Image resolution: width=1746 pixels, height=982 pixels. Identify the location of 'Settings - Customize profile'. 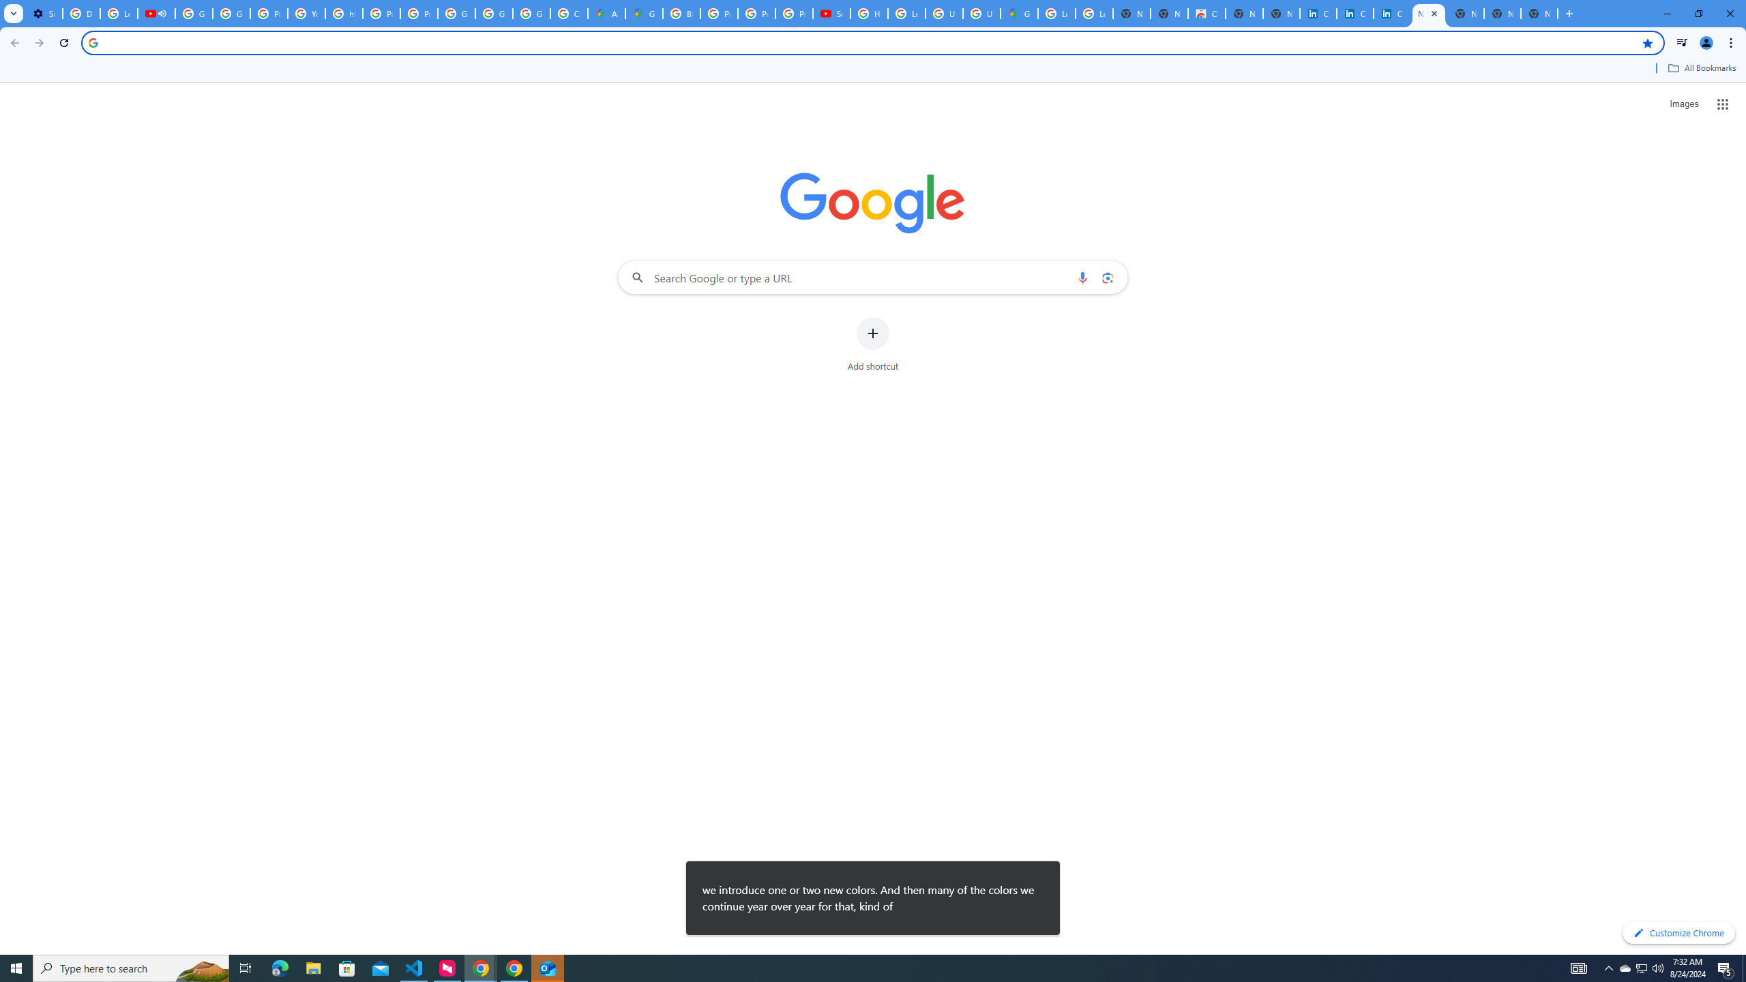
(44, 13).